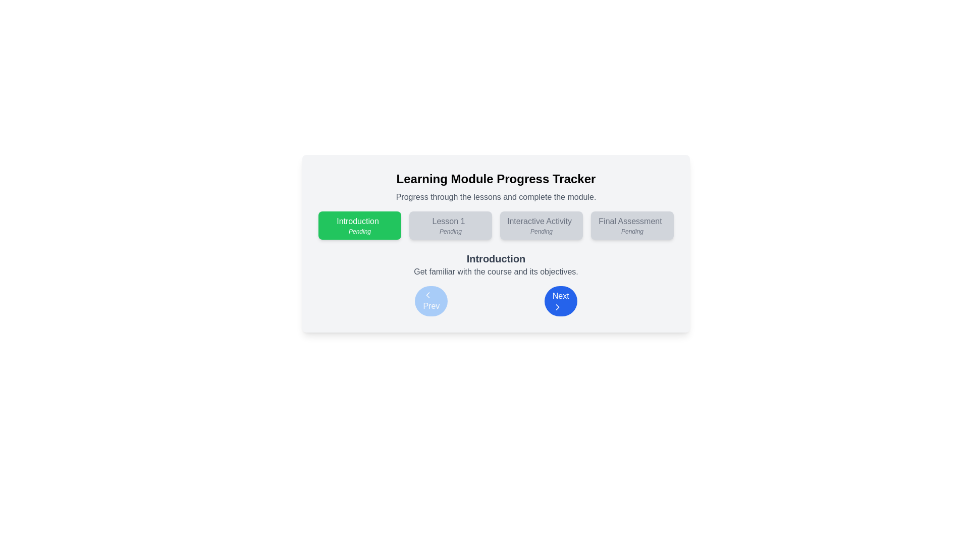  I want to click on the text label within the green button component that indicates the introductory module in the Learning Module Progress Tracker interface, so click(359, 221).